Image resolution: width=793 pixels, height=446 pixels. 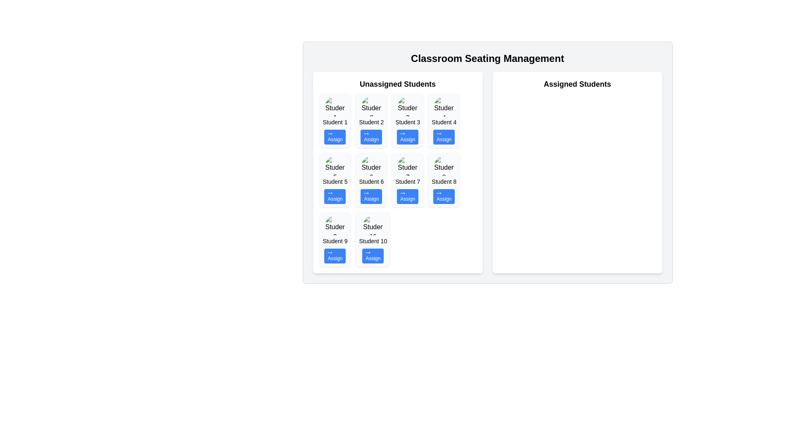 What do you see at coordinates (366, 133) in the screenshot?
I see `the right-pointing arrow icon located in the second row, first column of the 'Unassigned Students' list` at bounding box center [366, 133].